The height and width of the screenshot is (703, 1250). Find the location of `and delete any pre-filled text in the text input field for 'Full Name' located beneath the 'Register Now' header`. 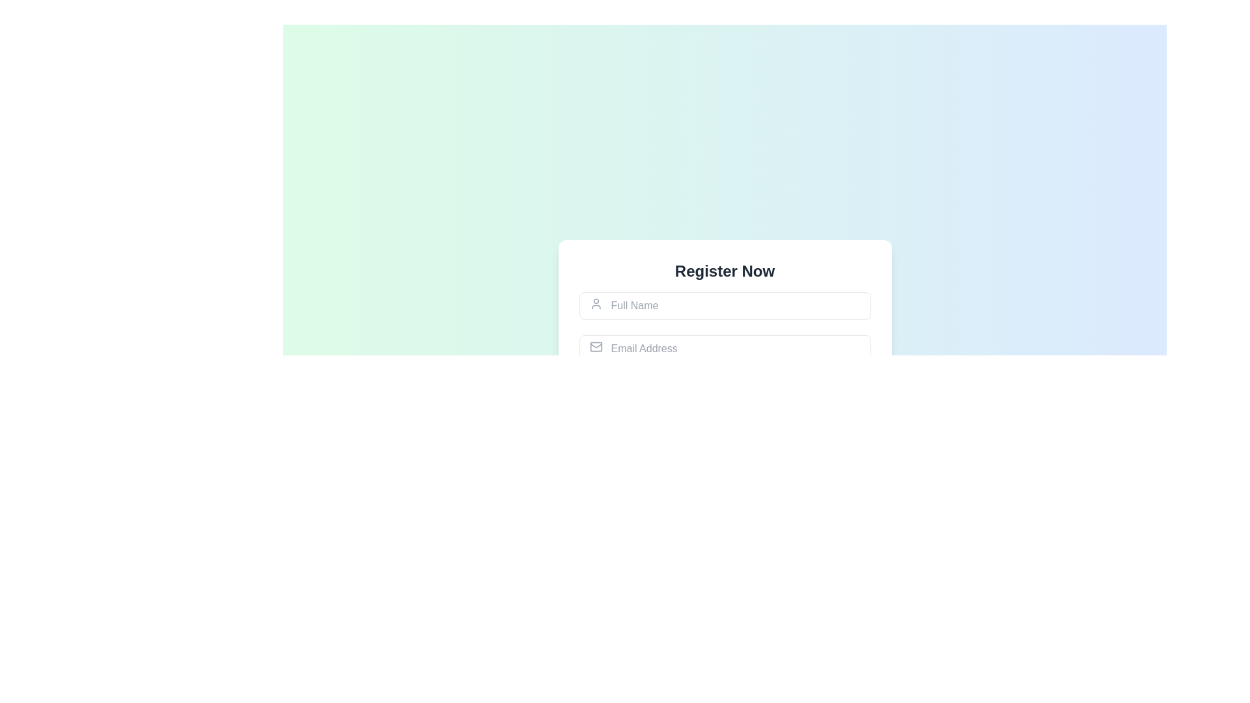

and delete any pre-filled text in the text input field for 'Full Name' located beneath the 'Register Now' header is located at coordinates (724, 306).